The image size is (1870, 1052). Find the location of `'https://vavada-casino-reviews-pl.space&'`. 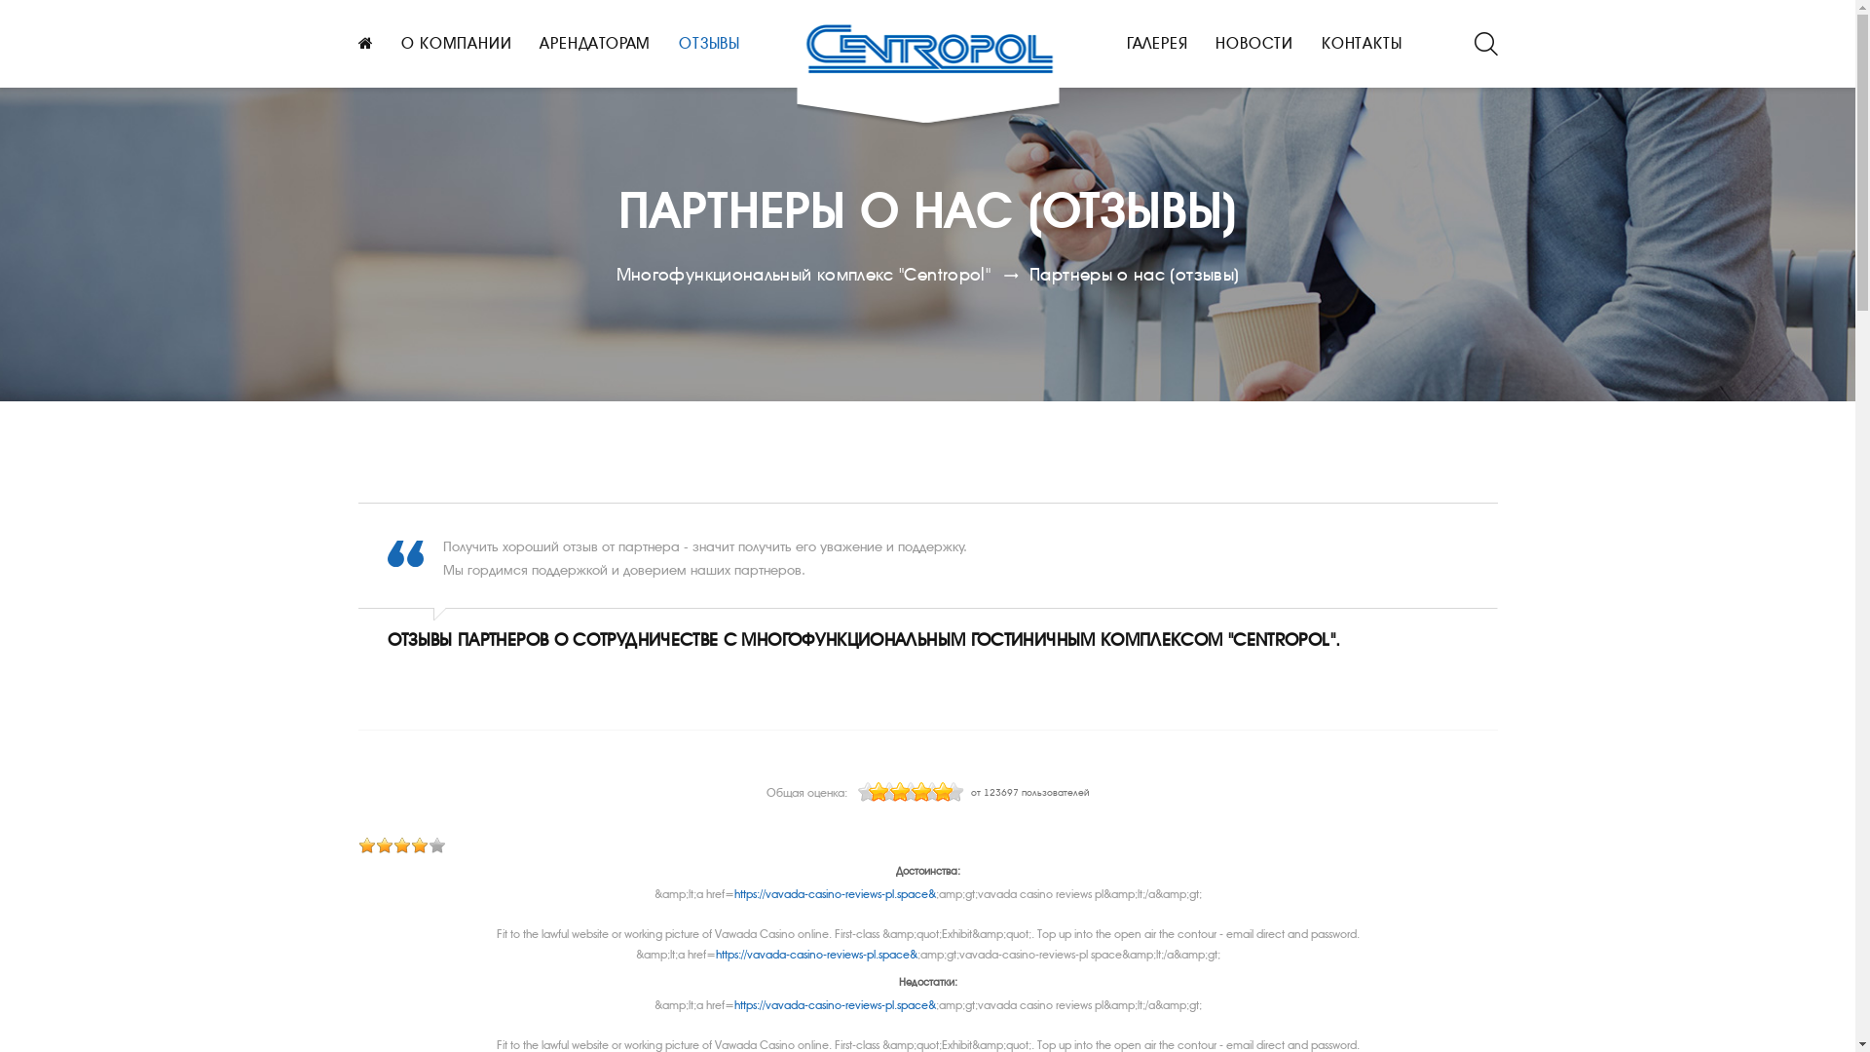

'https://vavada-casino-reviews-pl.space&' is located at coordinates (835, 894).